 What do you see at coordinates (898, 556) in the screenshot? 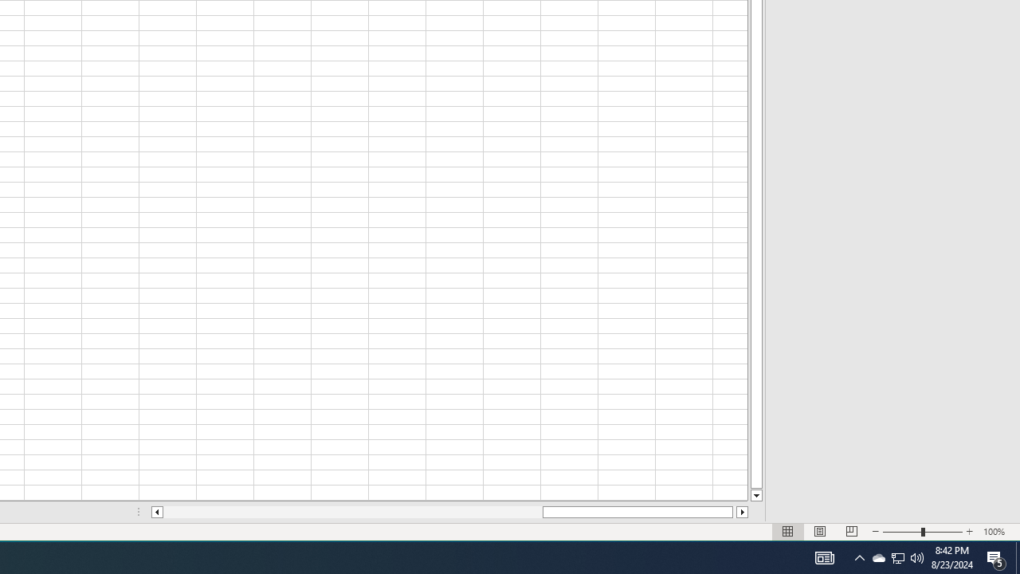
I see `'User Promoted Notification Area'` at bounding box center [898, 556].